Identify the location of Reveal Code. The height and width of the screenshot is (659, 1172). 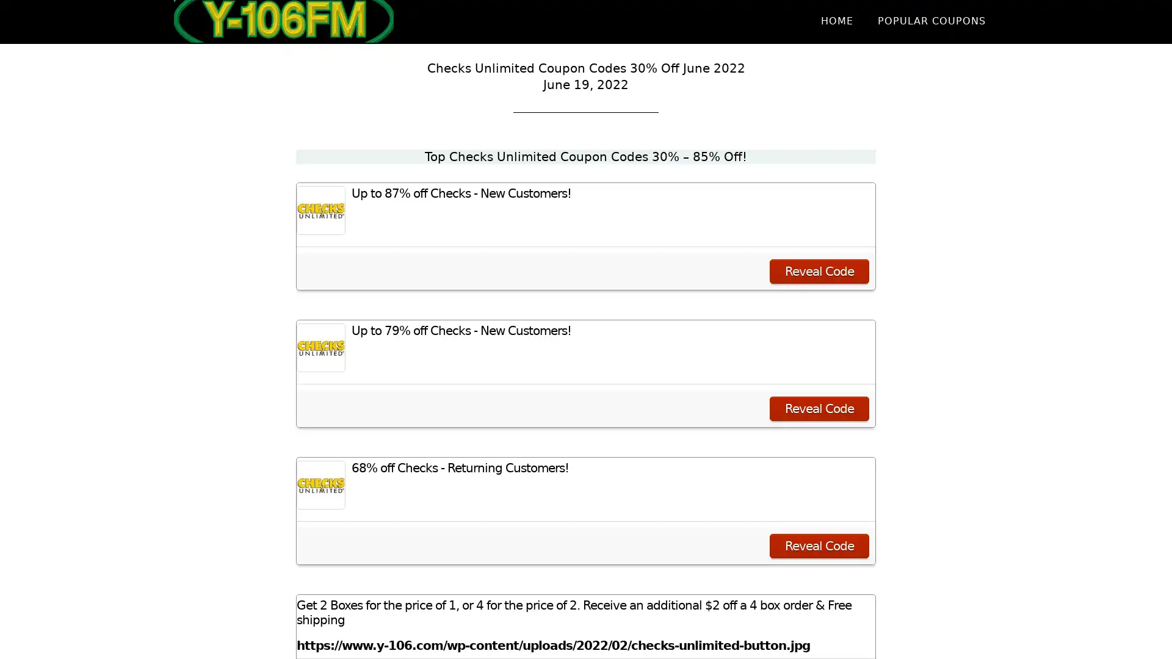
(819, 545).